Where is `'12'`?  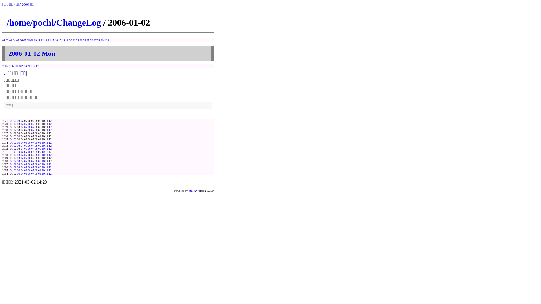 '12' is located at coordinates (50, 148).